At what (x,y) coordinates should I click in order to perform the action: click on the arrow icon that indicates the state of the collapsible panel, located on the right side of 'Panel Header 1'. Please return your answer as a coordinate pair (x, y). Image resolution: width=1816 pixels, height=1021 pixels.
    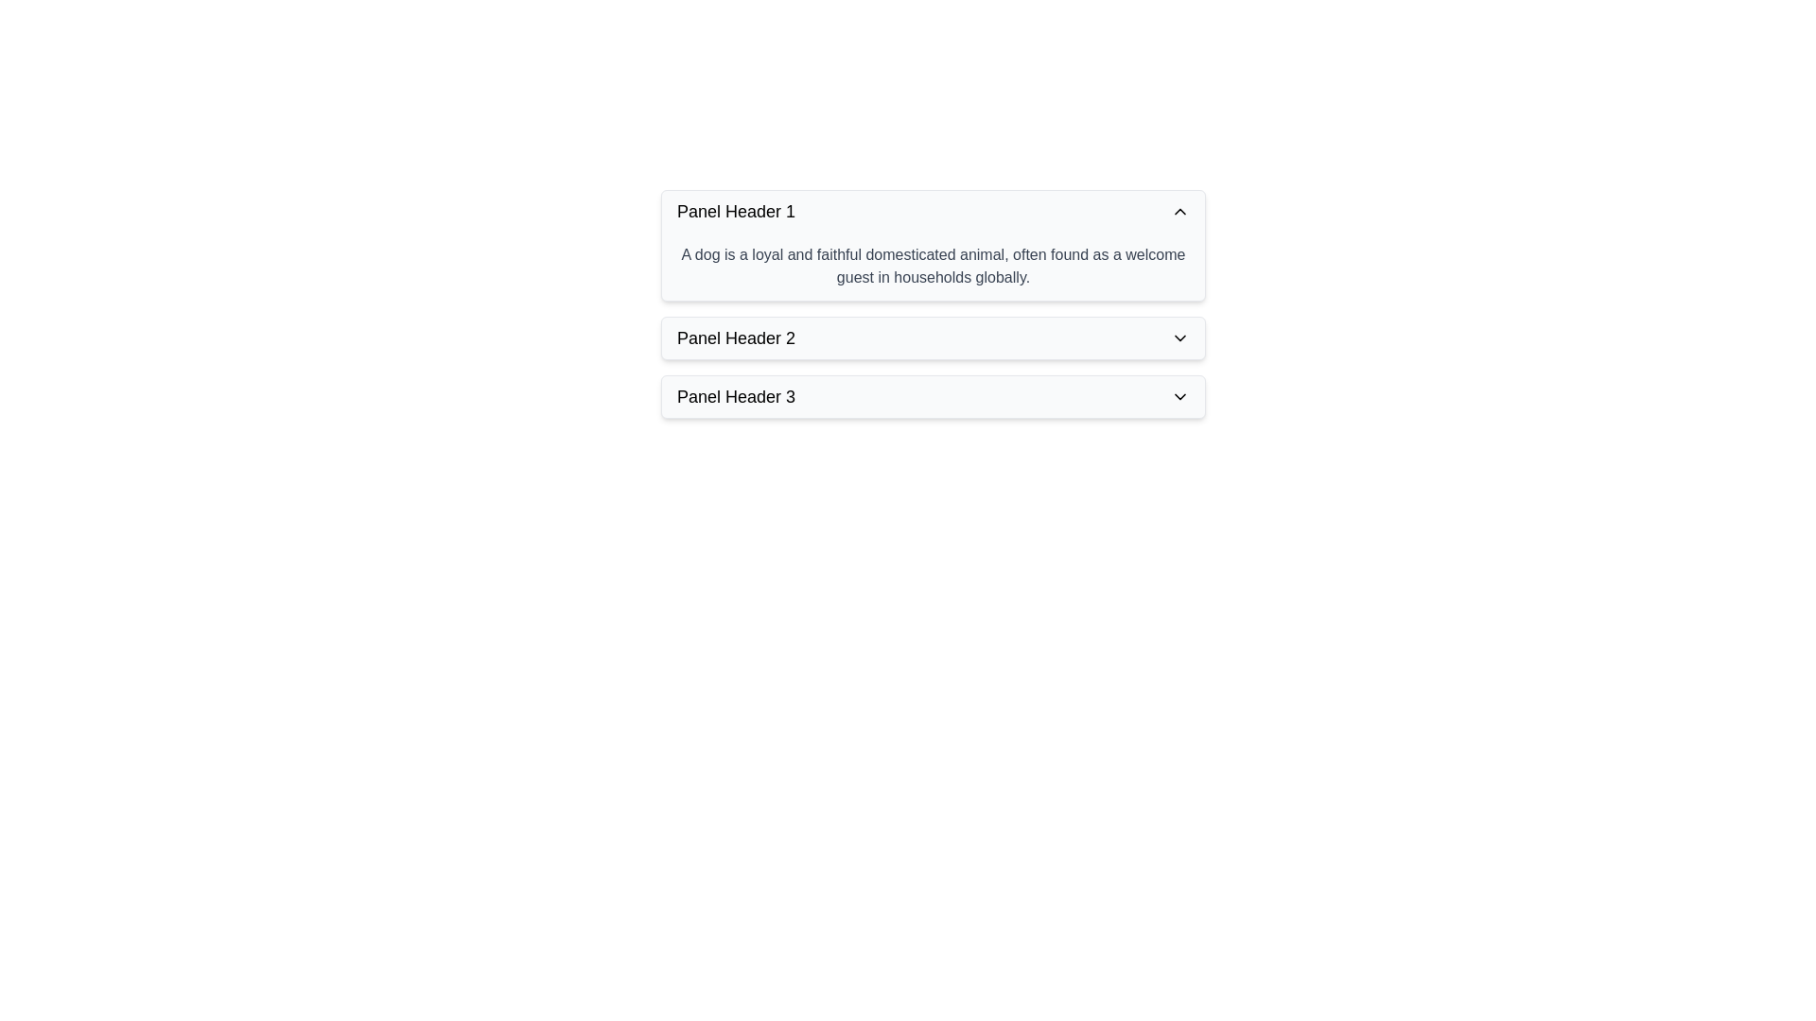
    Looking at the image, I should click on (1179, 211).